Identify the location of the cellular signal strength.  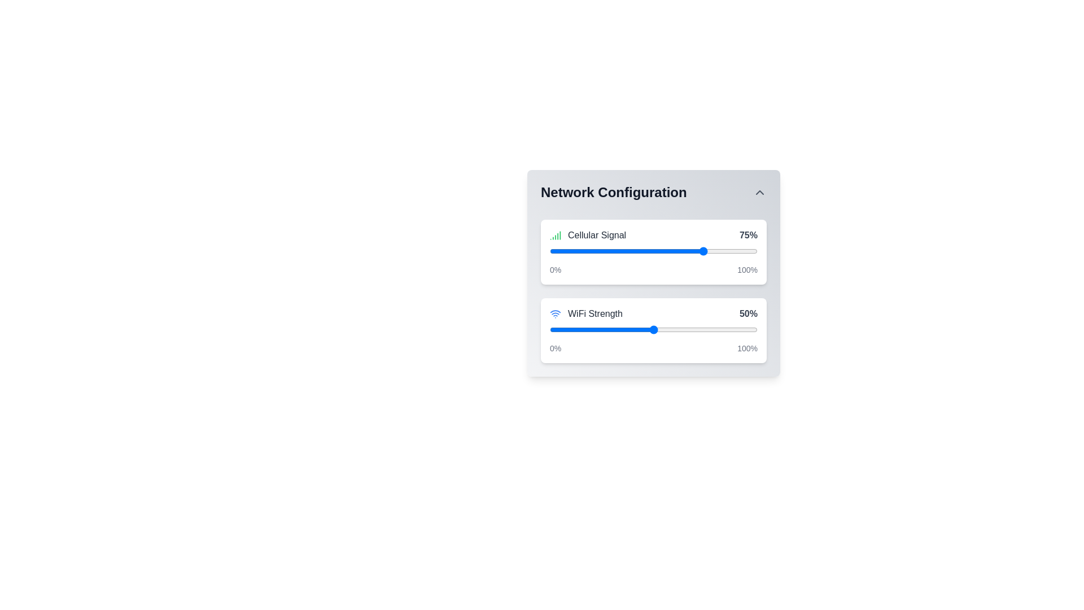
(715, 250).